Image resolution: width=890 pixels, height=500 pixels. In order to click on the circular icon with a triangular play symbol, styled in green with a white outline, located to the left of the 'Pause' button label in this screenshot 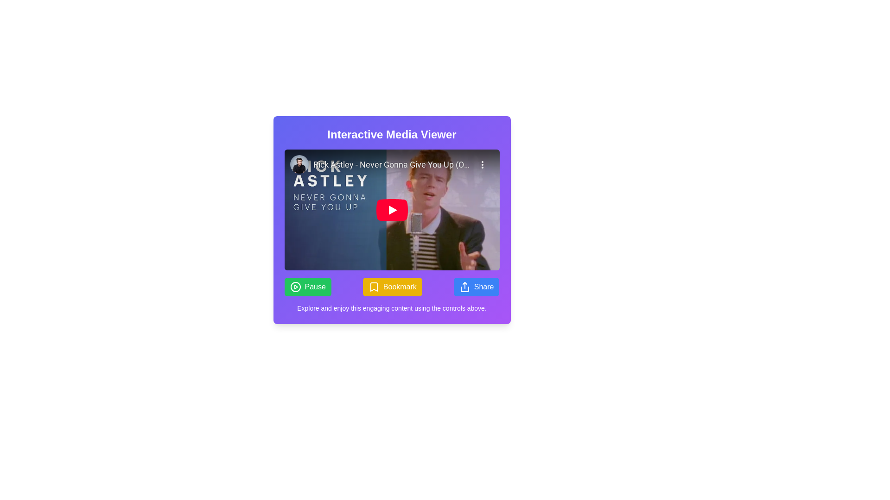, I will do `click(295, 287)`.